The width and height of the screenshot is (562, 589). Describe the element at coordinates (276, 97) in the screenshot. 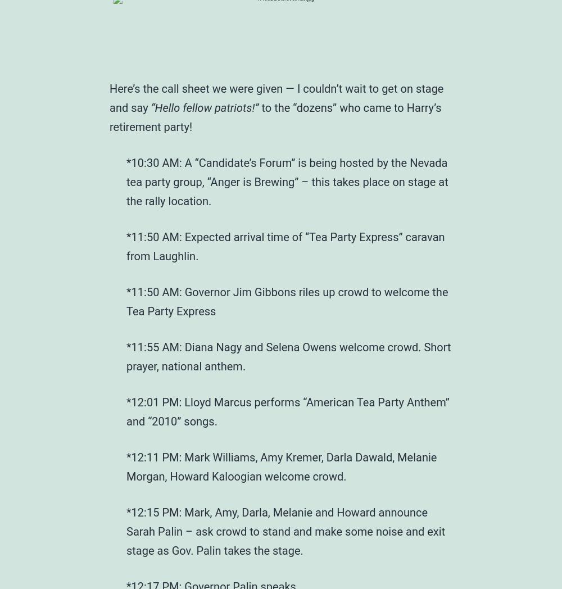

I see `'Here’s the call sheet we were given — I couldn’t wait to get on stage and say'` at that location.